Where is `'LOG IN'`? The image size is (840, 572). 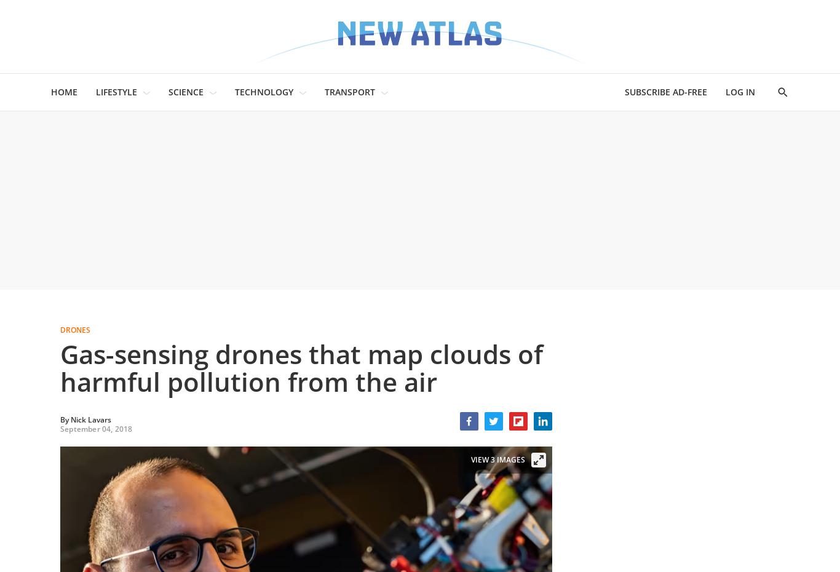
'LOG IN' is located at coordinates (740, 92).